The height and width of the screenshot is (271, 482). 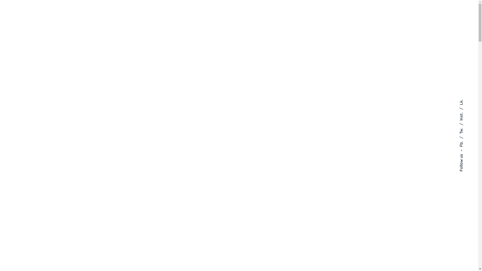 I want to click on 'Fb.', so click(x=459, y=139).